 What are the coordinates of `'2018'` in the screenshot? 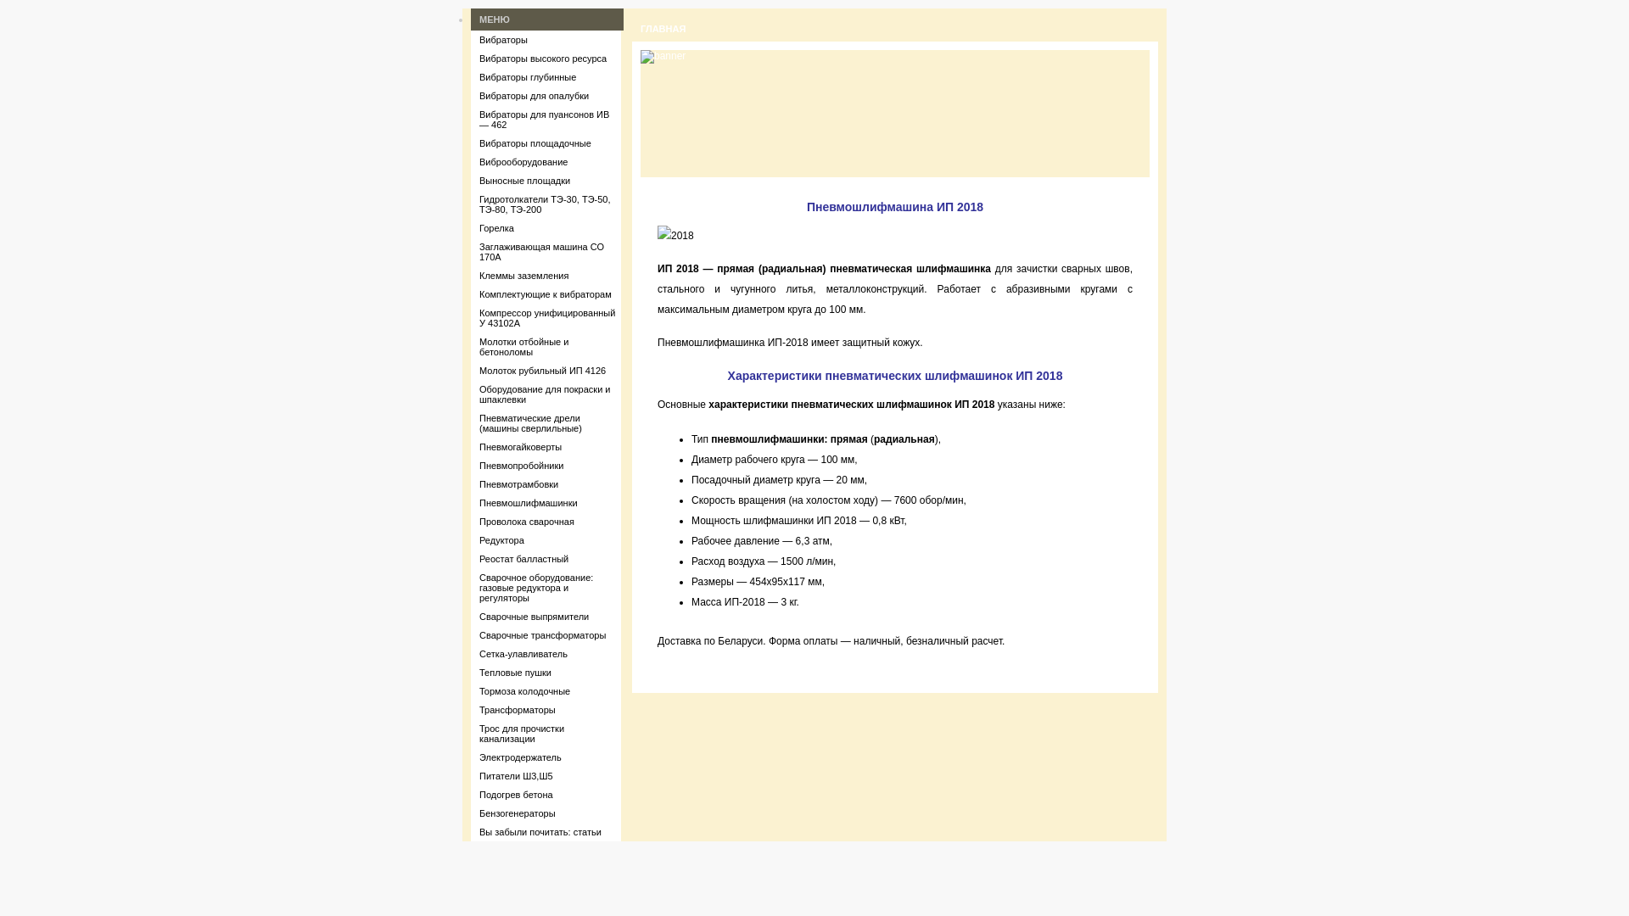 It's located at (656, 235).